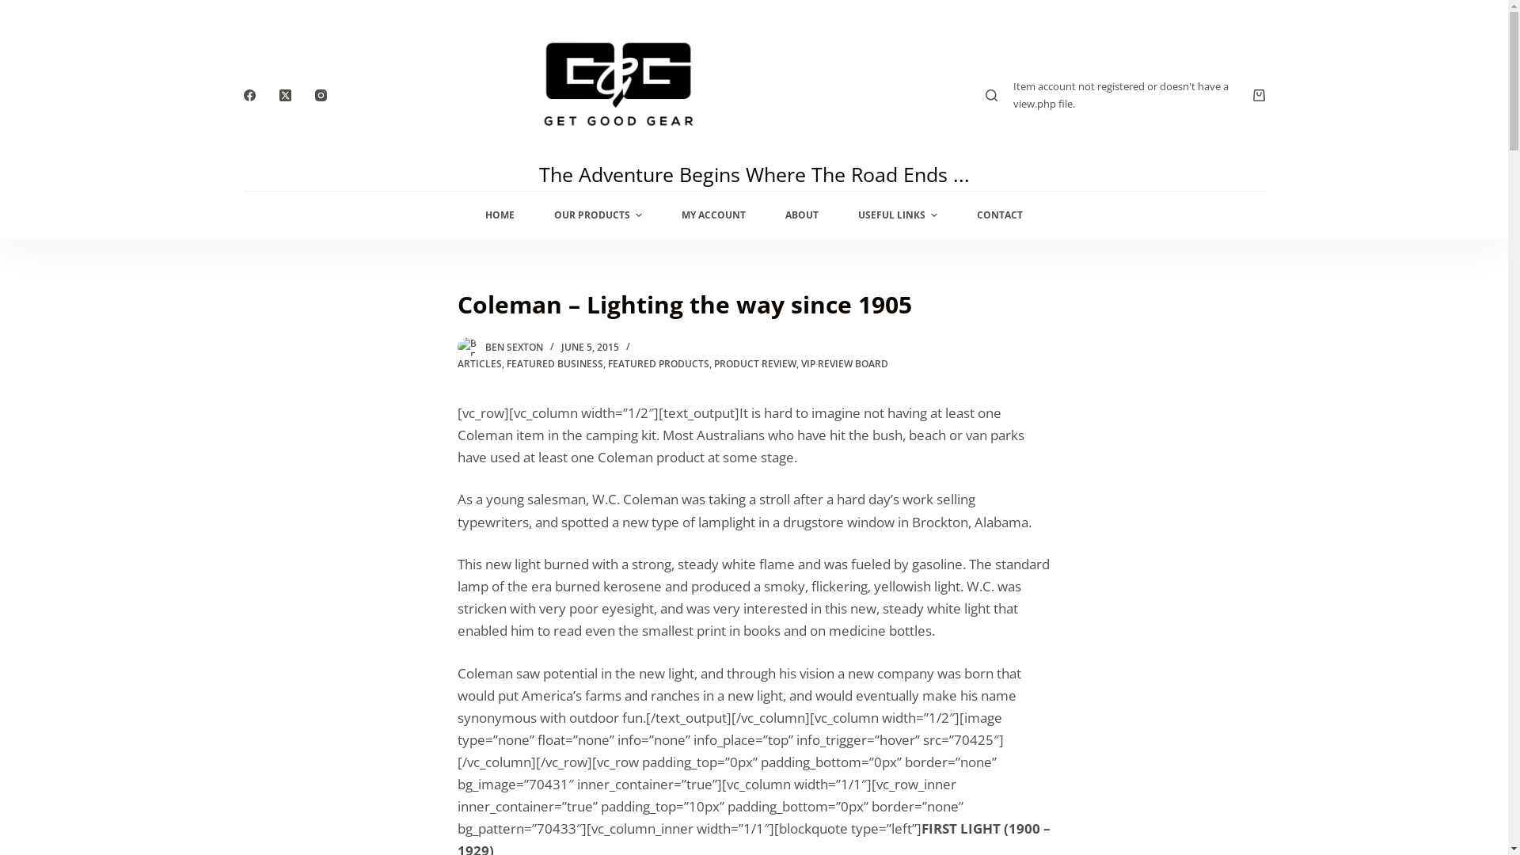  What do you see at coordinates (283, 604) in the screenshot?
I see `'Our Partners'` at bounding box center [283, 604].